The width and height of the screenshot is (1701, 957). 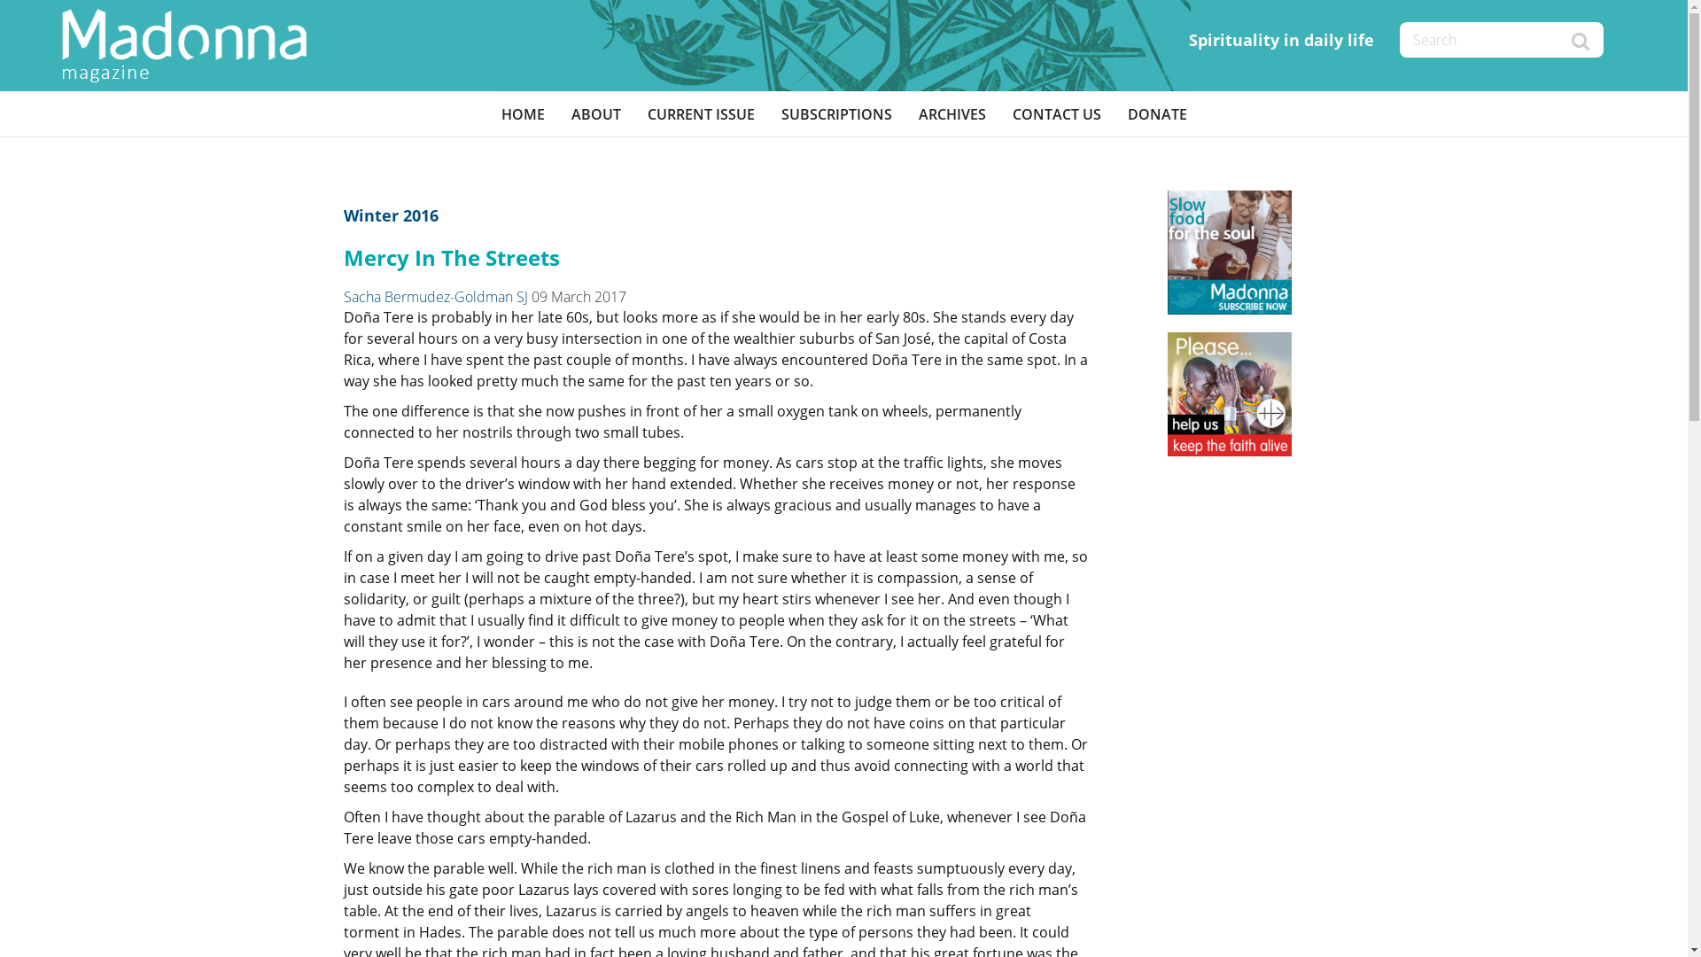 What do you see at coordinates (951, 113) in the screenshot?
I see `'ARCHIVES'` at bounding box center [951, 113].